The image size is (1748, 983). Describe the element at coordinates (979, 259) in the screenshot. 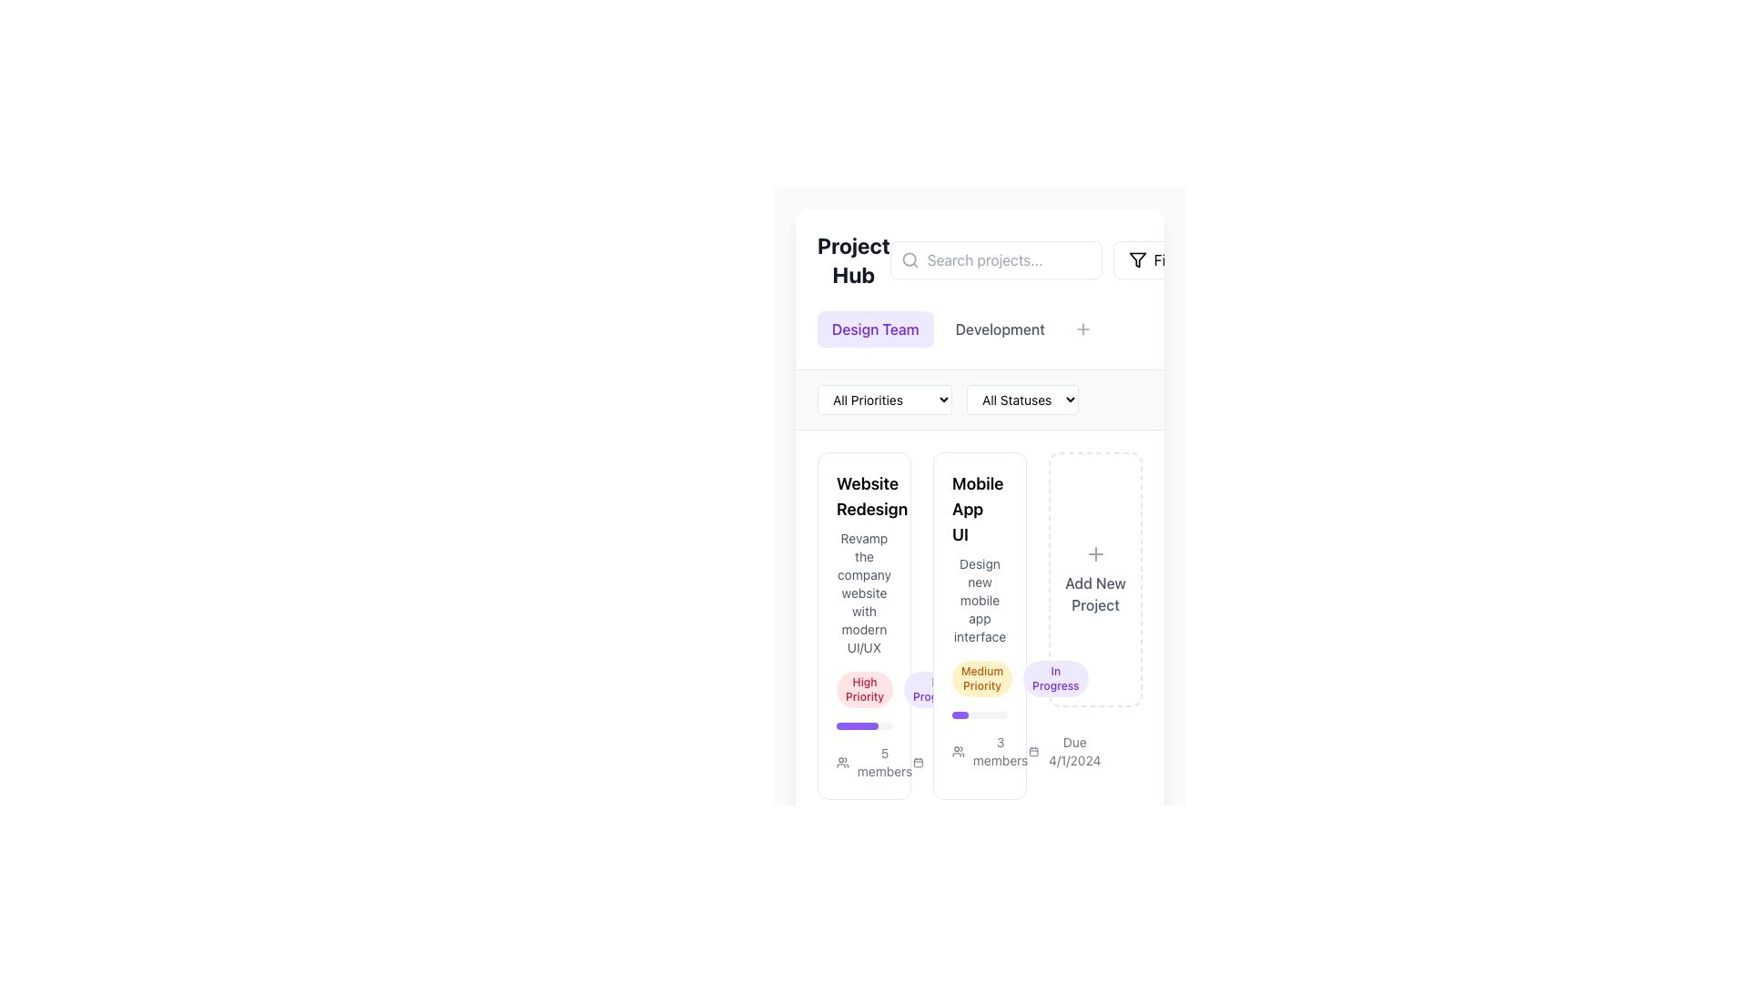

I see `the text input field labeled 'Search projects...' to focus on it` at that location.